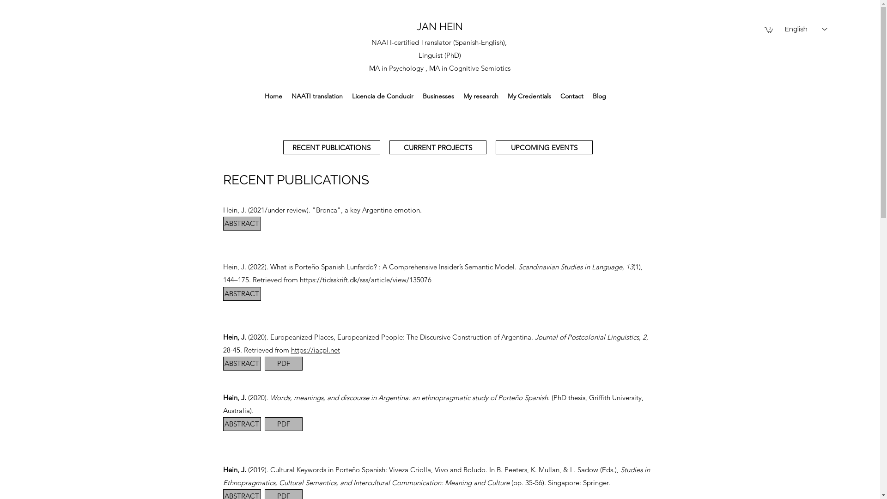 The image size is (887, 499). I want to click on 'Blog', so click(599, 96).